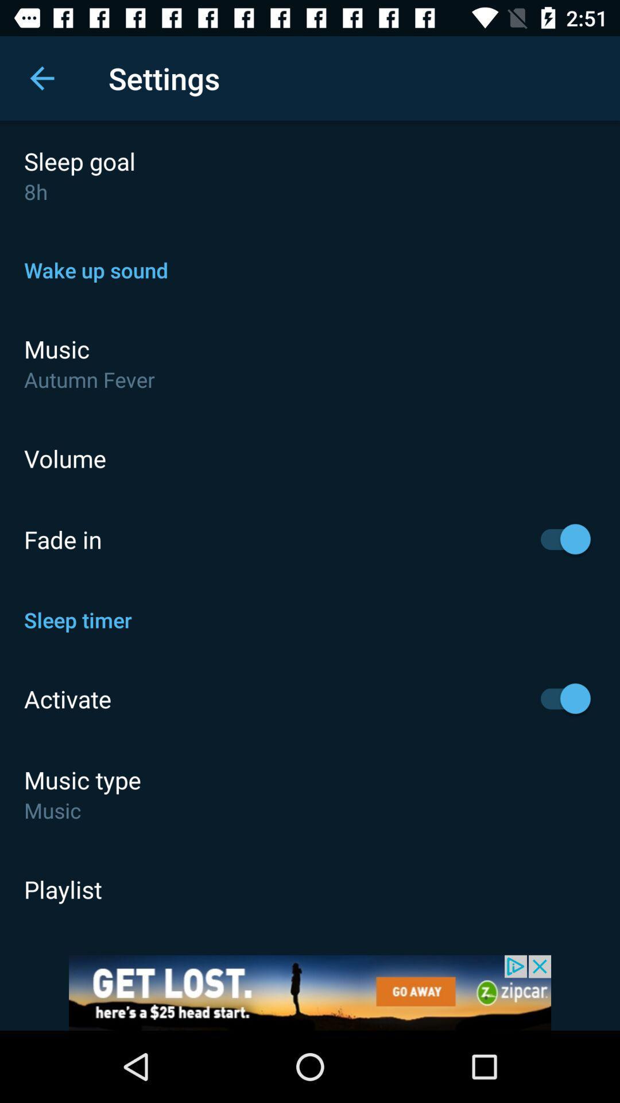  Describe the element at coordinates (310, 992) in the screenshot. I see `shows the advertisement tab` at that location.